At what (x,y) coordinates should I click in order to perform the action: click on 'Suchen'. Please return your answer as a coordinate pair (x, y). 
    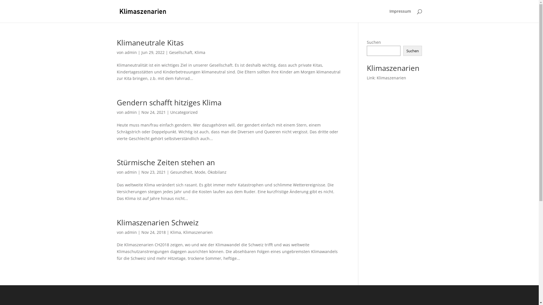
    Looking at the image, I should click on (413, 51).